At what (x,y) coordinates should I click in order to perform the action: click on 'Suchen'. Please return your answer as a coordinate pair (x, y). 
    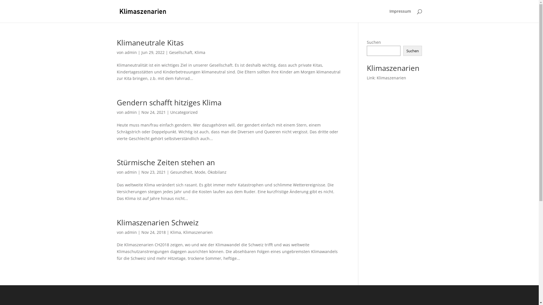
    Looking at the image, I should click on (413, 51).